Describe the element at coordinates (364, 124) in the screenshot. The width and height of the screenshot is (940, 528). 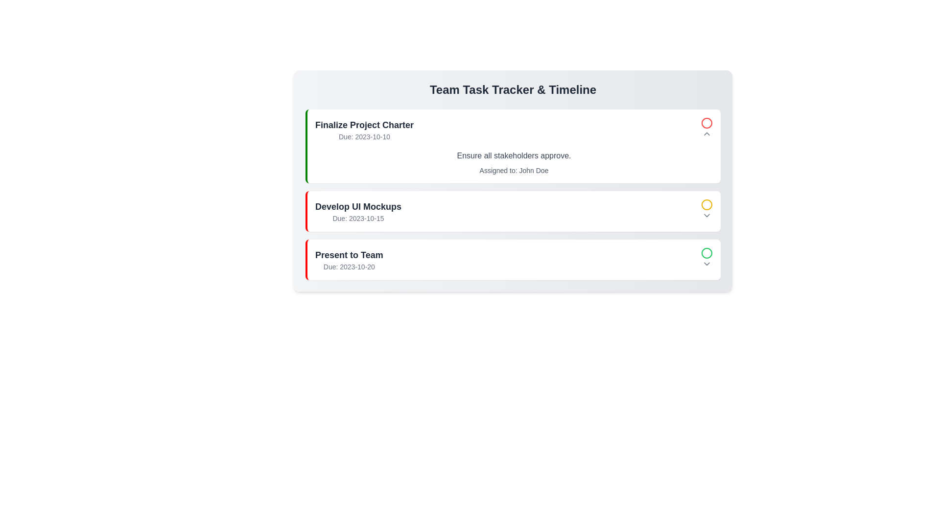
I see `text from the title label located in the top-left corner of a green-bordered task card, which summarizes the purpose or description of the task` at that location.